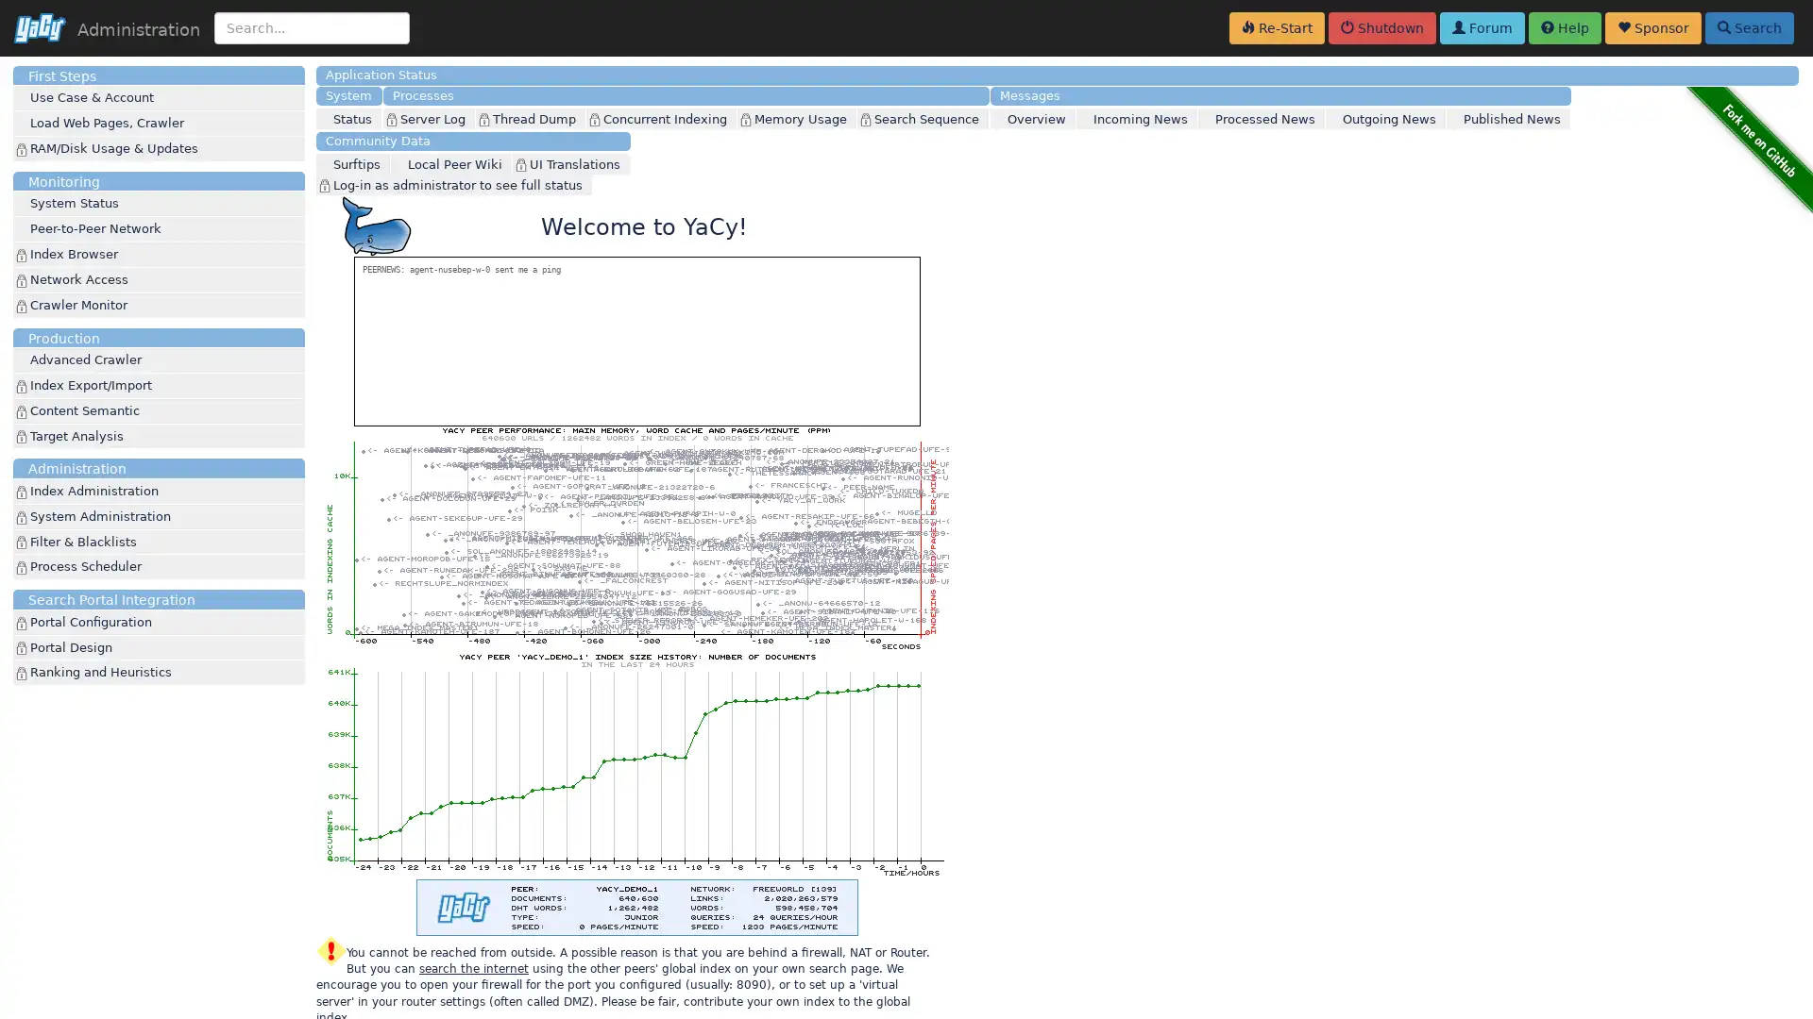 The height and width of the screenshot is (1019, 1813). Describe the element at coordinates (1652, 28) in the screenshot. I see `Sponsor` at that location.